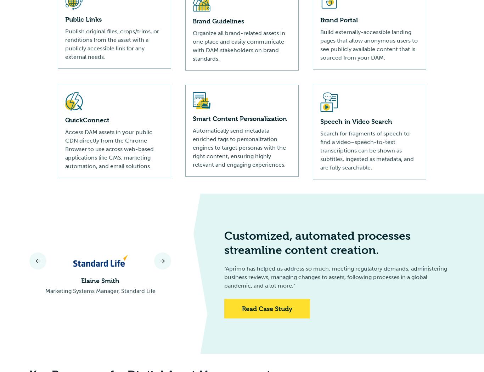 The width and height of the screenshot is (484, 372). Describe the element at coordinates (224, 277) in the screenshot. I see `'"Aprimo has helped us address so much: meeting regulatory demands, administering business reviews, managing changes to assets, following processes in a global pandemic, and a lot more."'` at that location.